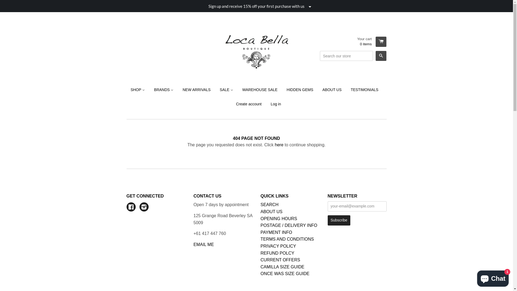 The image size is (517, 291). I want to click on 'WAREHOUSE SALE', so click(260, 89).